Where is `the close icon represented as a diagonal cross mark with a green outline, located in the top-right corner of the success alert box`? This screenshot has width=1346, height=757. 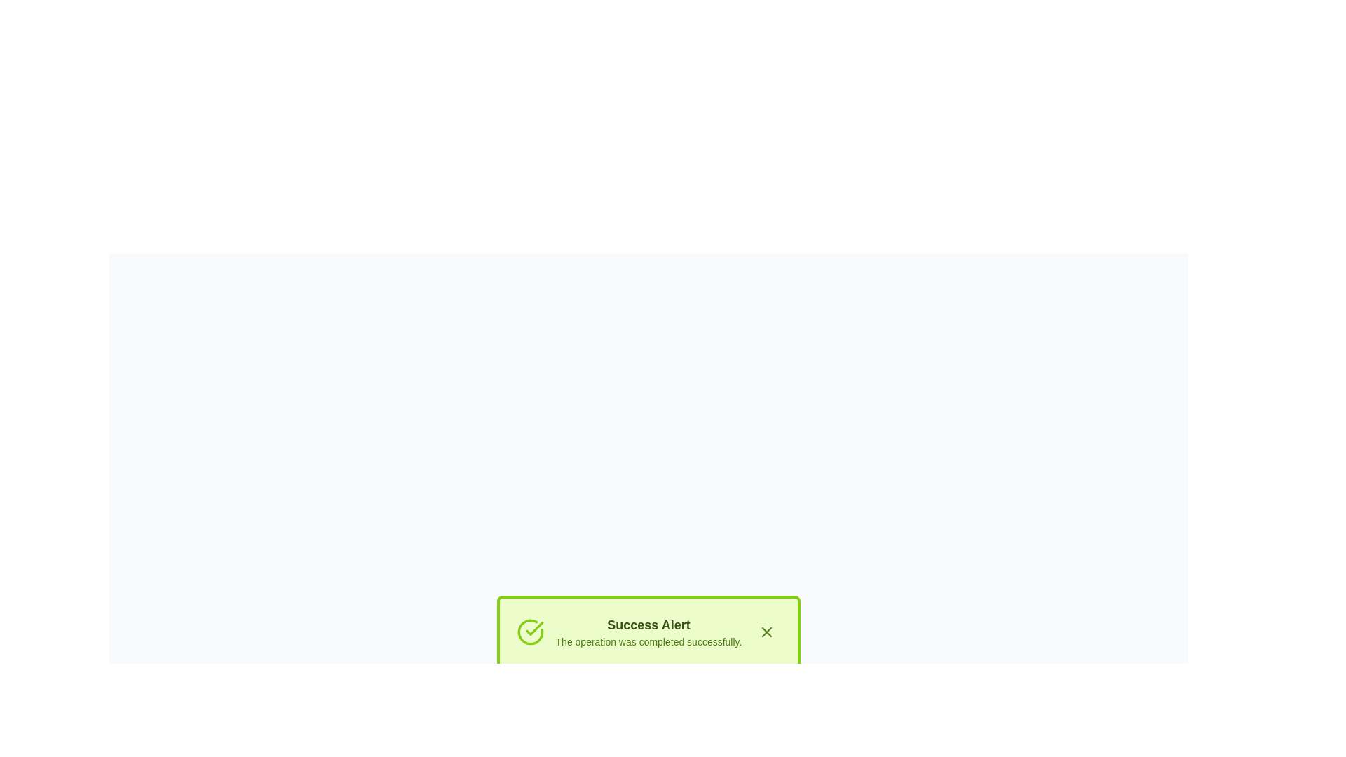
the close icon represented as a diagonal cross mark with a green outline, located in the top-right corner of the success alert box is located at coordinates (766, 632).